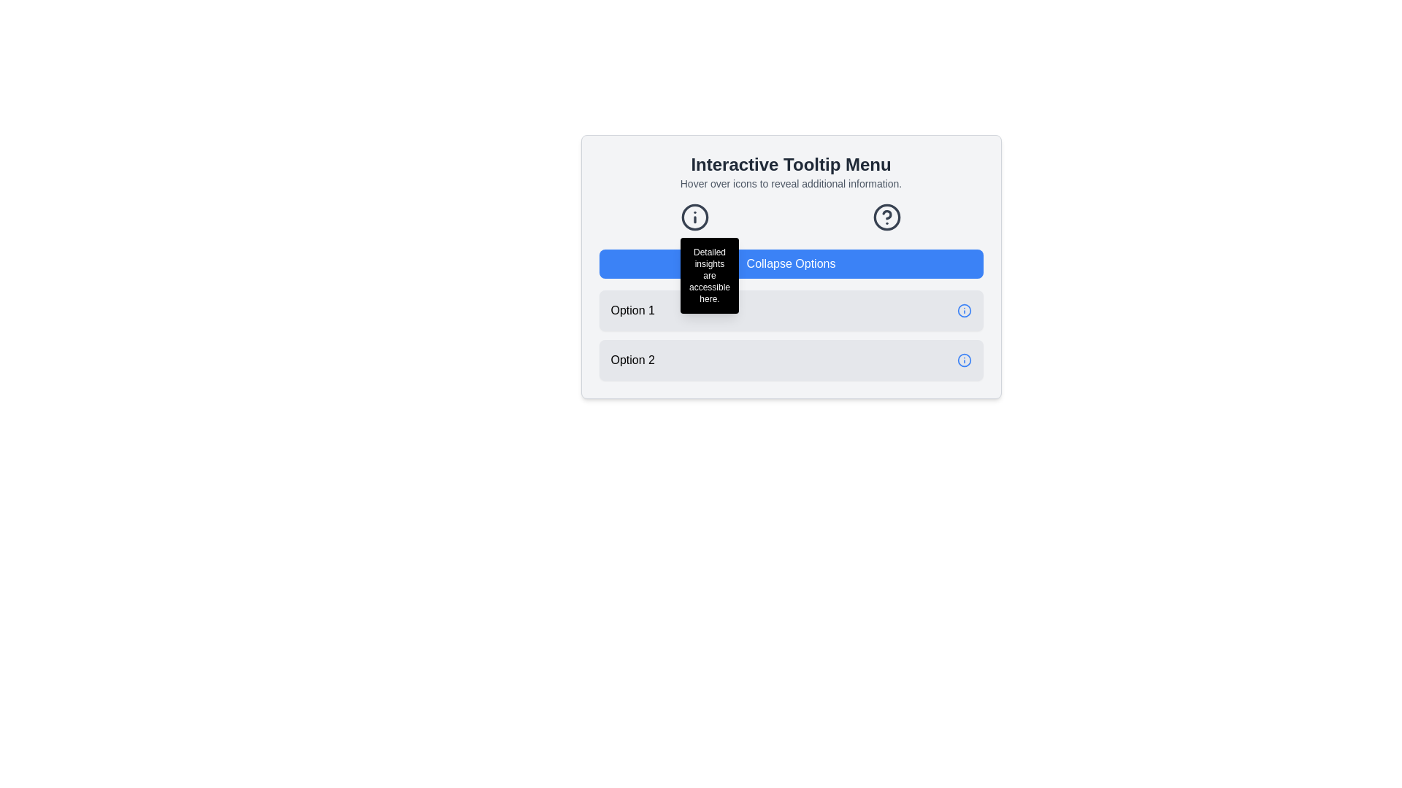 The height and width of the screenshot is (788, 1402). I want to click on the 'Collapse Options' button, which is a rectangular button with rounded corners, styled in blue with white text, to trigger a color change, so click(790, 264).